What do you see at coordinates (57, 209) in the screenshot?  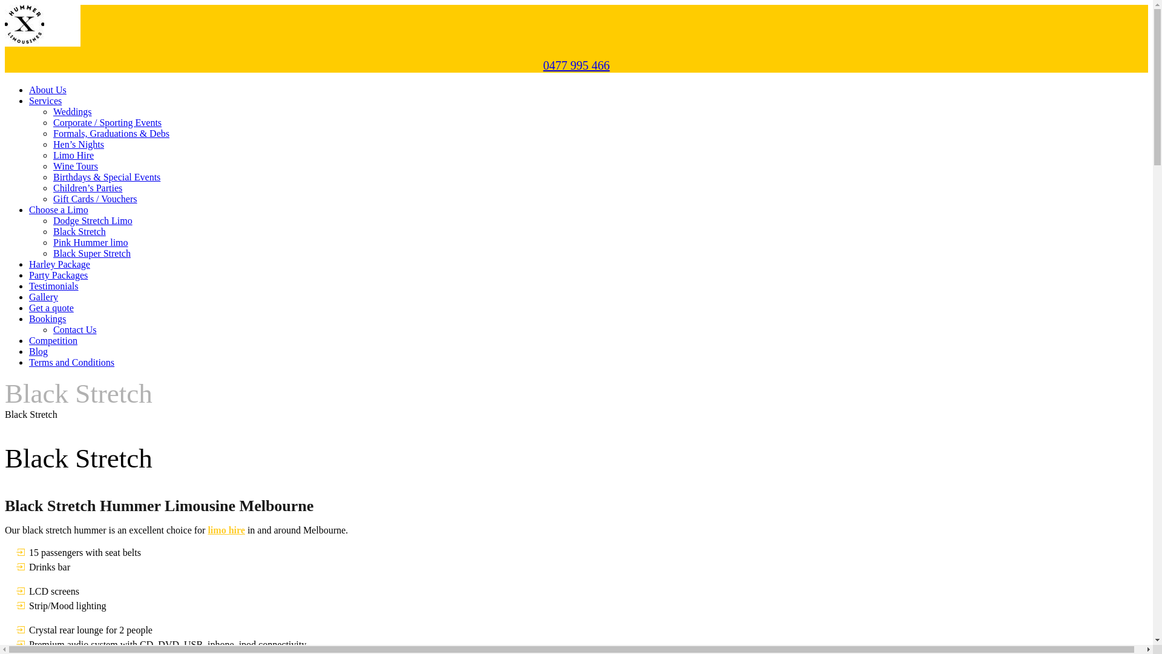 I see `'Choose a Limo'` at bounding box center [57, 209].